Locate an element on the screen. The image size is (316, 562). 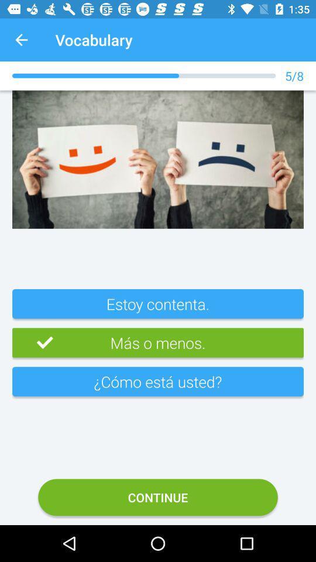
the right mark is located at coordinates (32, 342).